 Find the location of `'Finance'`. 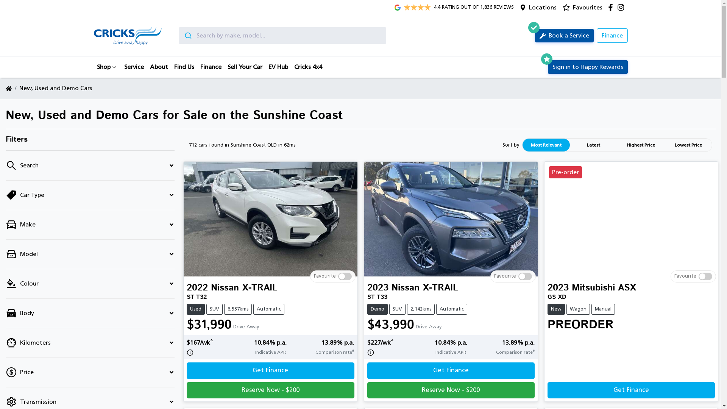

'Finance' is located at coordinates (211, 67).